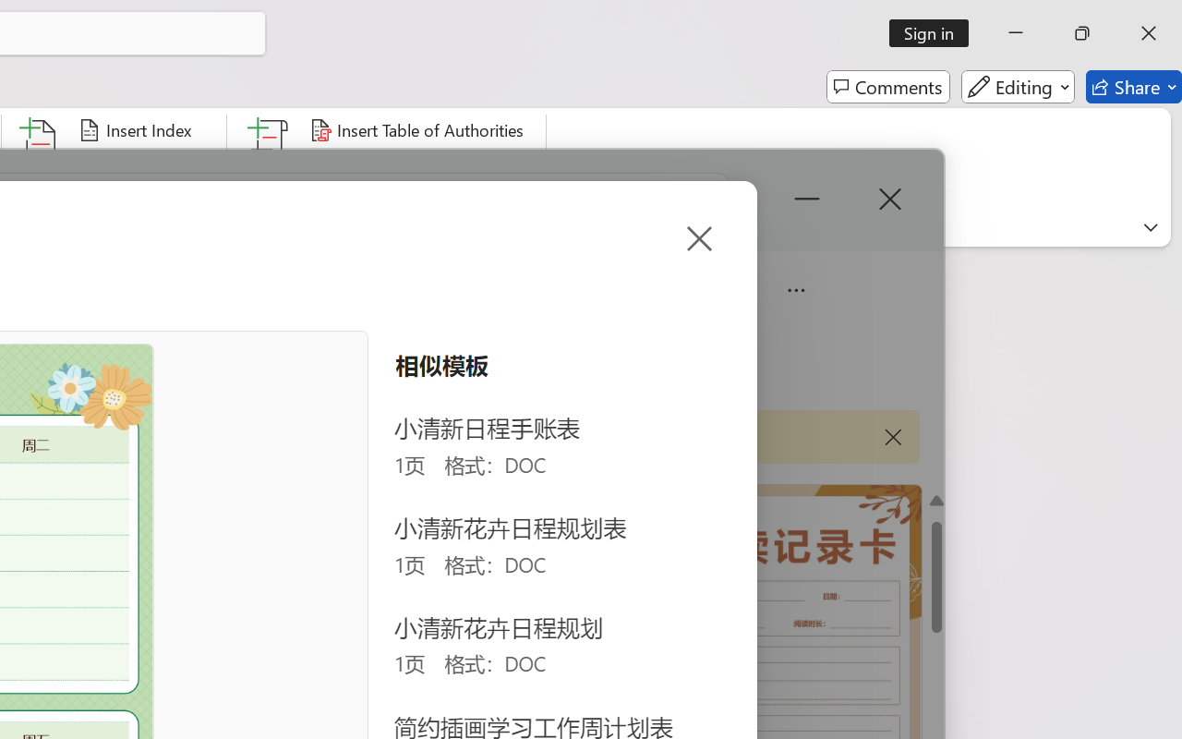  I want to click on 'Insert Index...', so click(137, 130).